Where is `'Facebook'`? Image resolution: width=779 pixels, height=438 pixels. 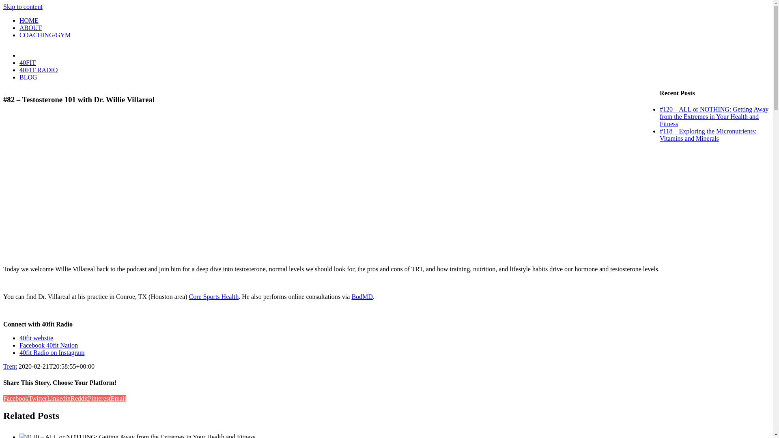 'Facebook' is located at coordinates (15, 398).